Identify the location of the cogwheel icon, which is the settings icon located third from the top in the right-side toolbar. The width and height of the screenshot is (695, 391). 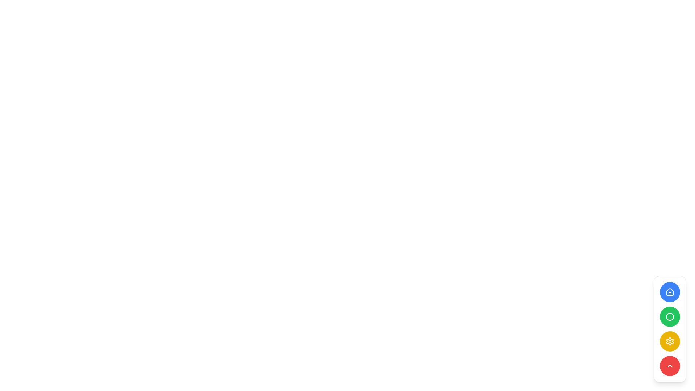
(670, 341).